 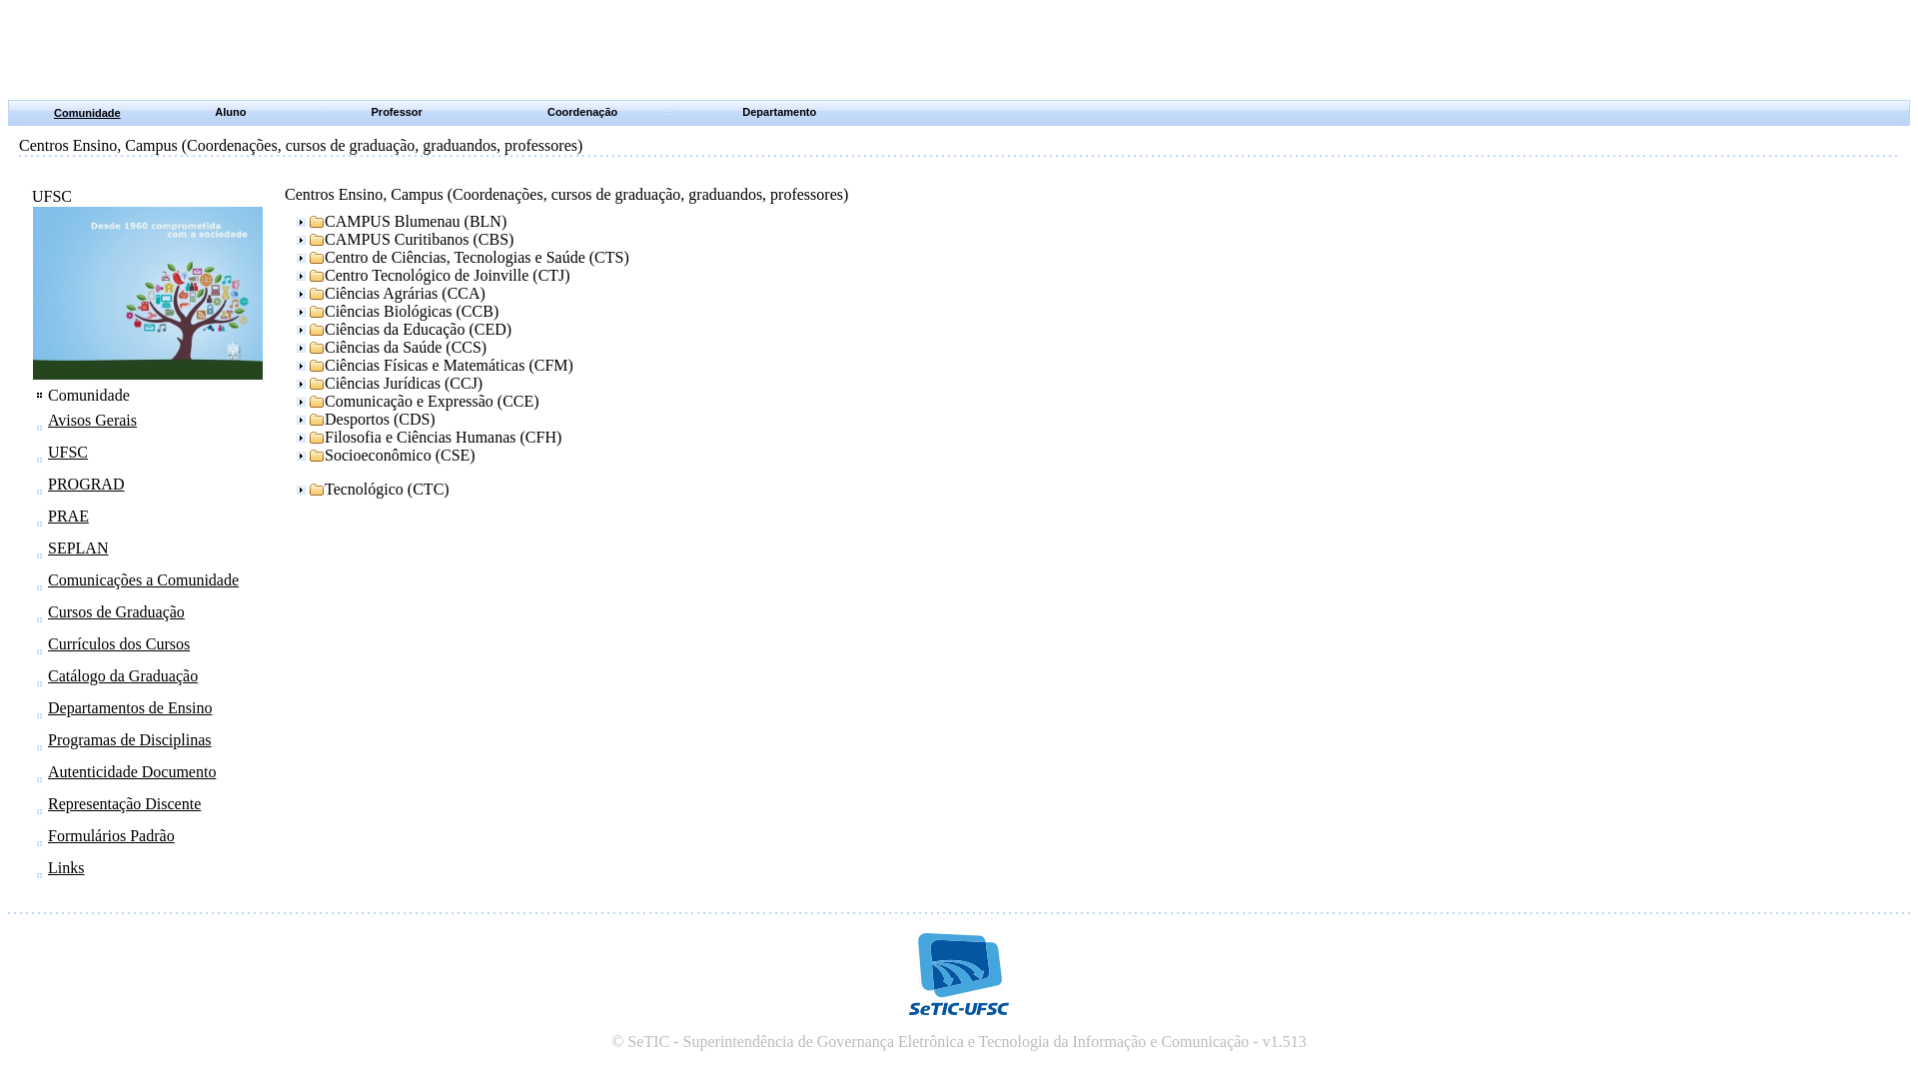 What do you see at coordinates (399, 222) in the screenshot?
I see `'CAMPUS Blumenau (BLN)'` at bounding box center [399, 222].